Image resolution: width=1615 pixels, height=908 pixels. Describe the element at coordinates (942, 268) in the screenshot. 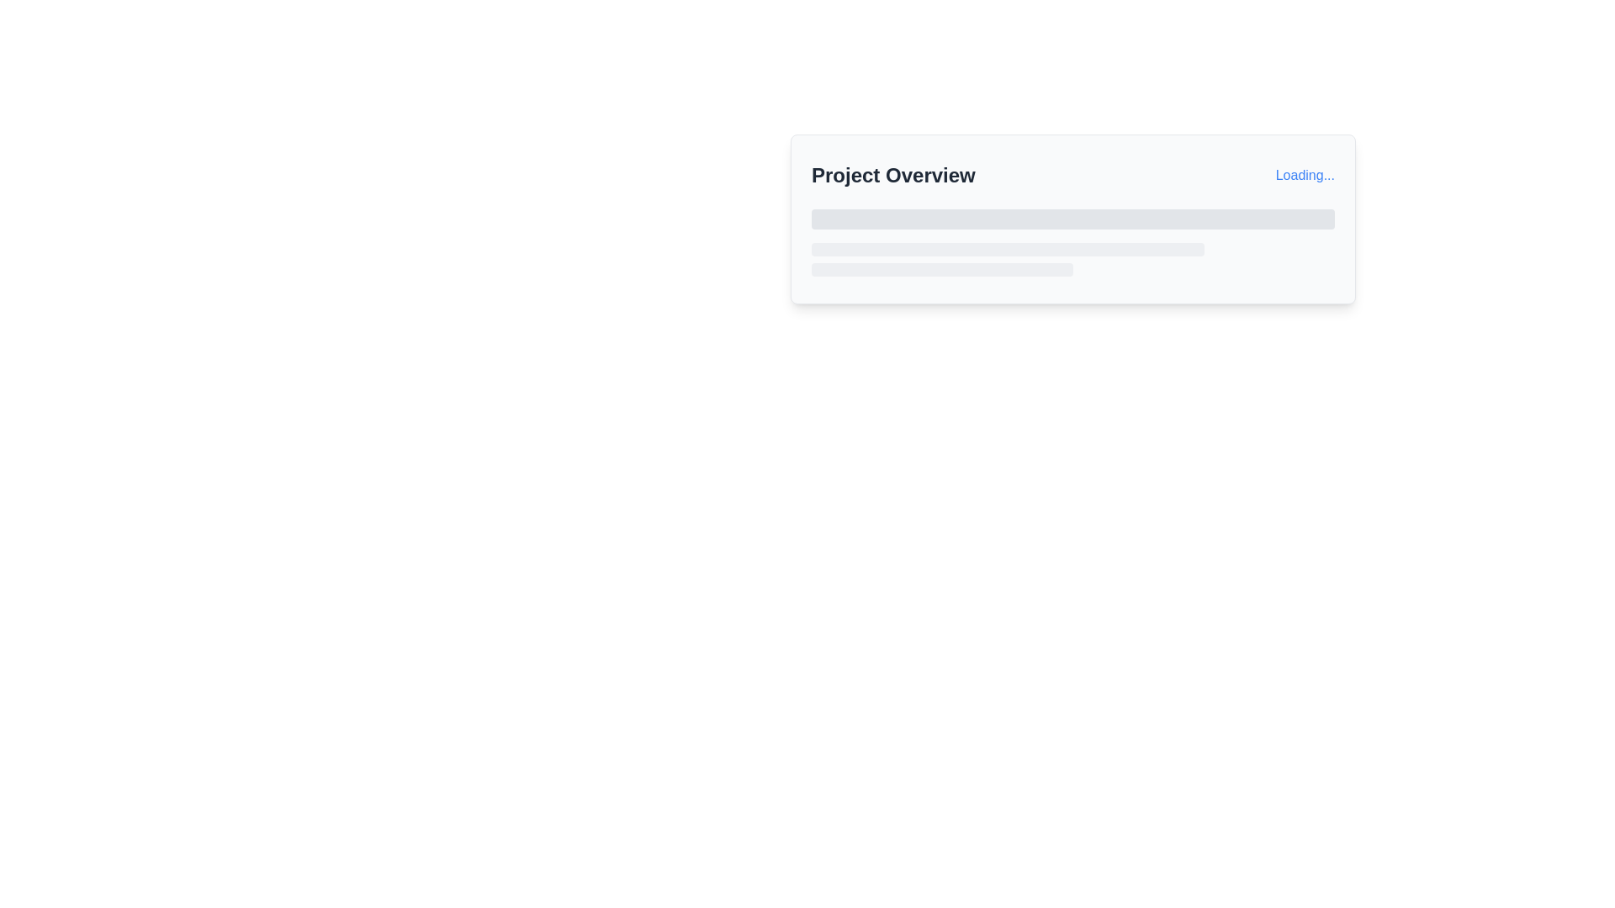

I see `the Placeholder bar element located below two wider bars within the 'Project Overview' card, identified by its light gray color and rounded silhouette` at that location.